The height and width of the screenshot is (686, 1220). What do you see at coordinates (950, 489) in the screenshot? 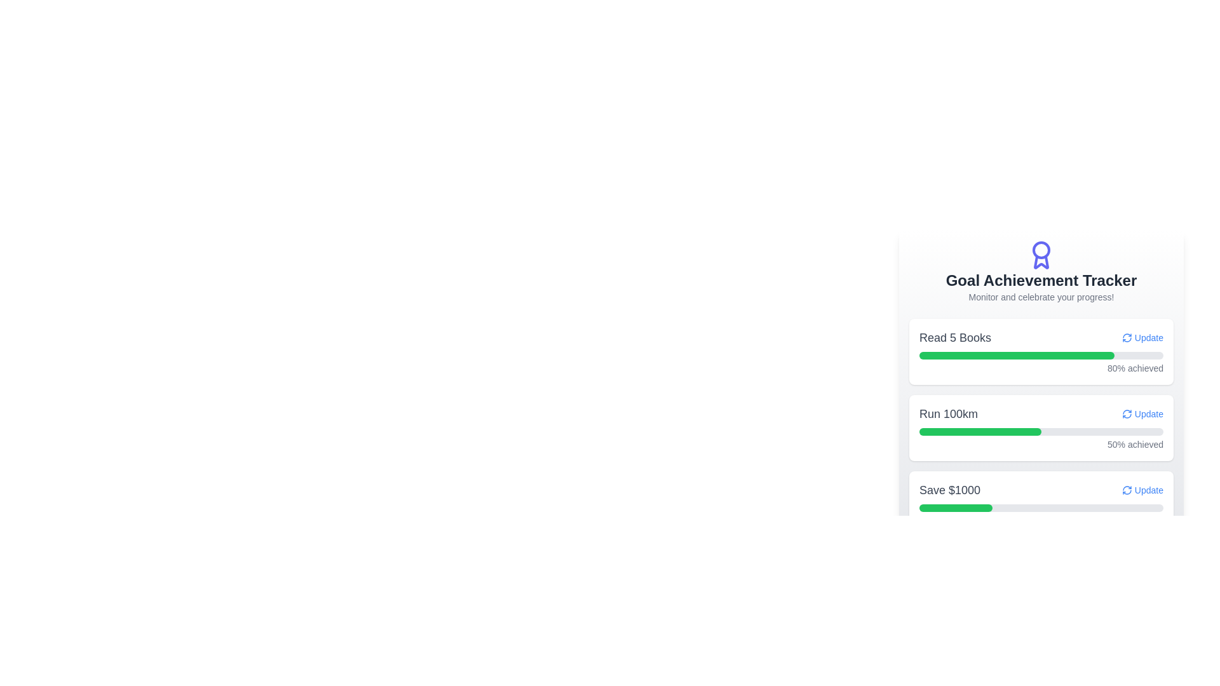
I see `text of the static label displaying 'Save $1000', located in the last row under the 'Goal Achievement Tracker' section, positioned to the left of the 'Update' link button` at bounding box center [950, 489].